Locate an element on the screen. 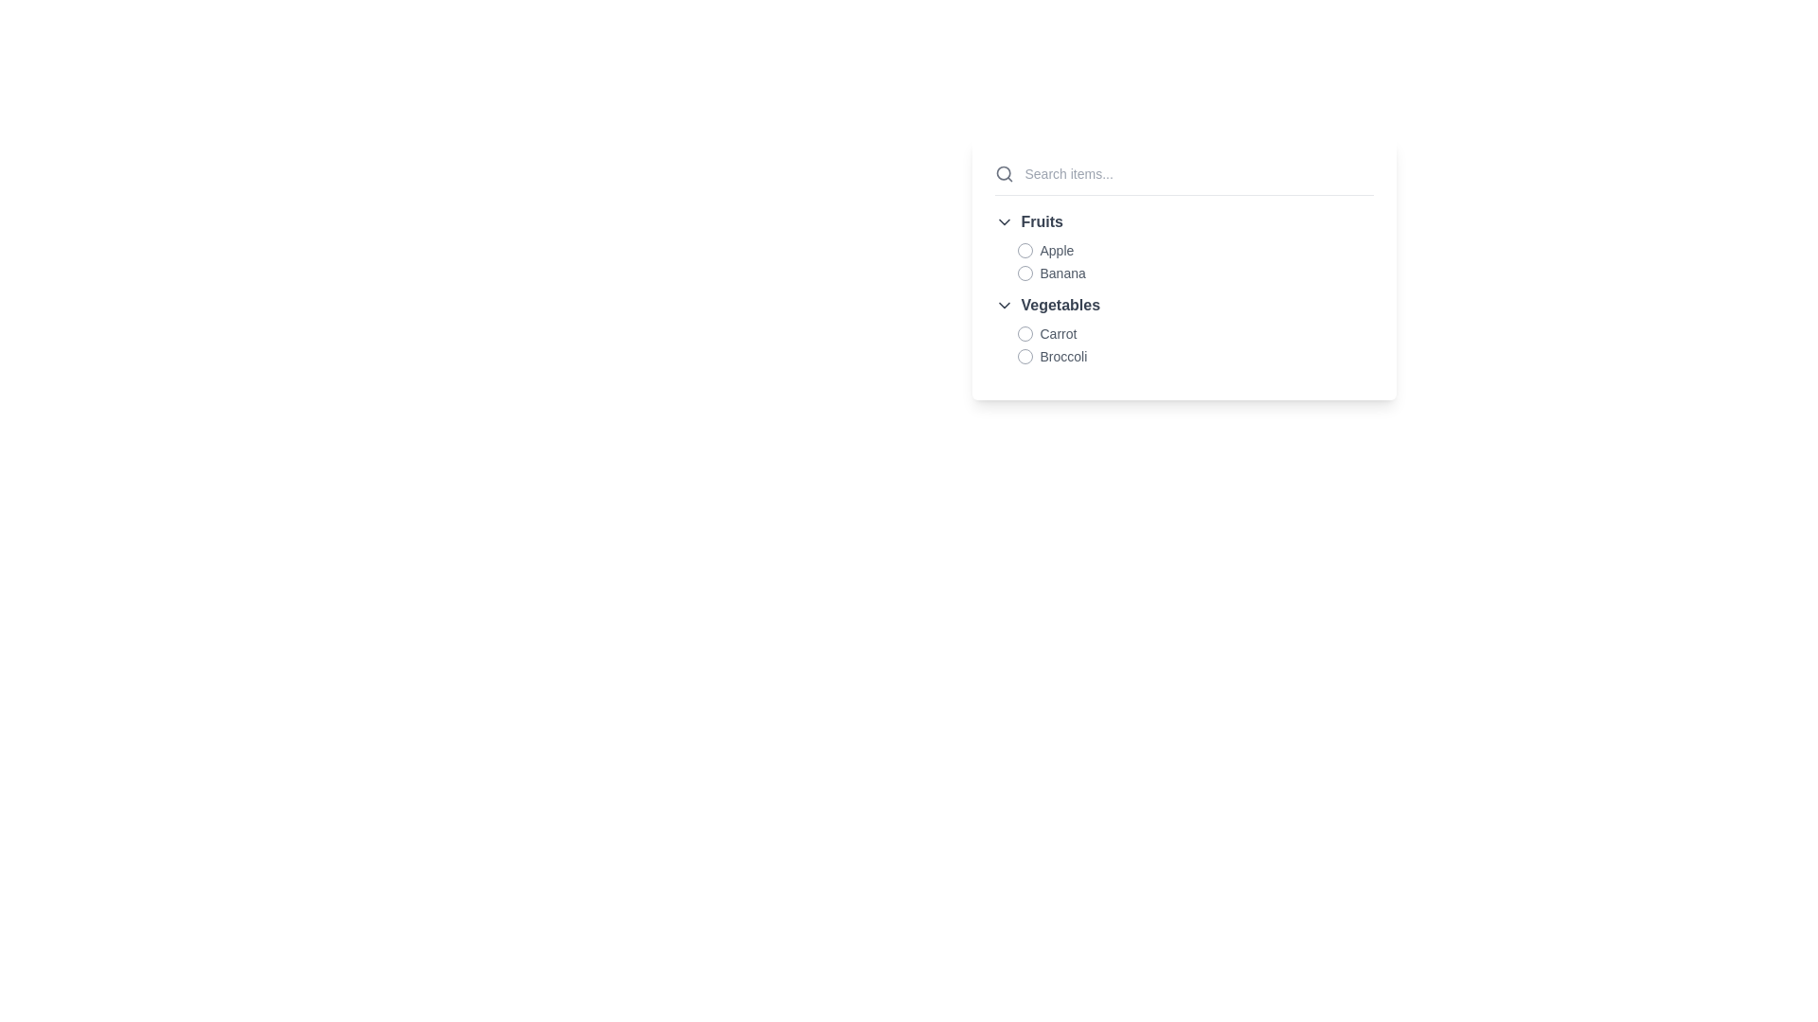 Image resolution: width=1818 pixels, height=1022 pixels. the unselected radio button located to the left of the label 'Broccoli' in the vertical selection list under the 'Vegetables' category is located at coordinates (1024, 357).